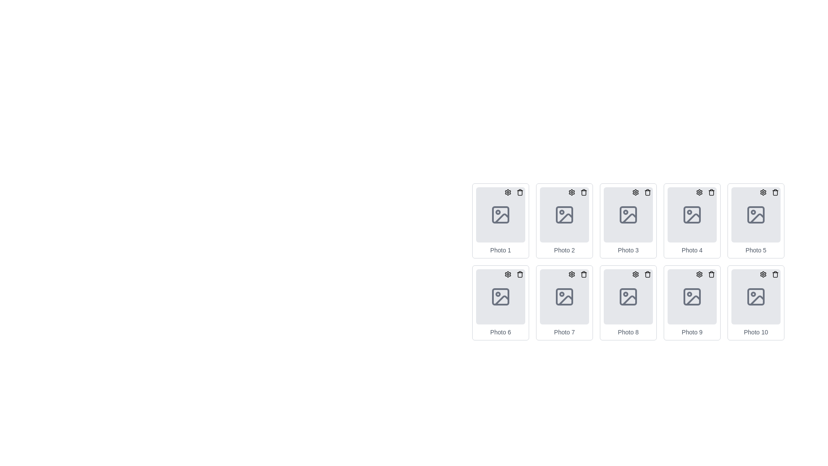  I want to click on the SVG photo image placeholder icon located in the 'Photo 3' card, which is the third card in the top row of a grid layout, so click(628, 214).